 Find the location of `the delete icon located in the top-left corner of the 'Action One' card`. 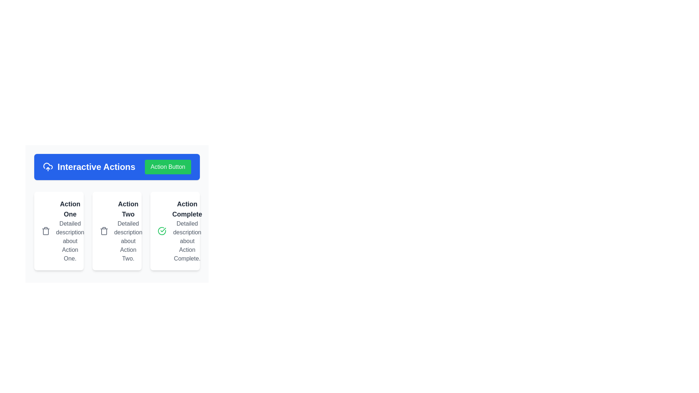

the delete icon located in the top-left corner of the 'Action One' card is located at coordinates (45, 231).